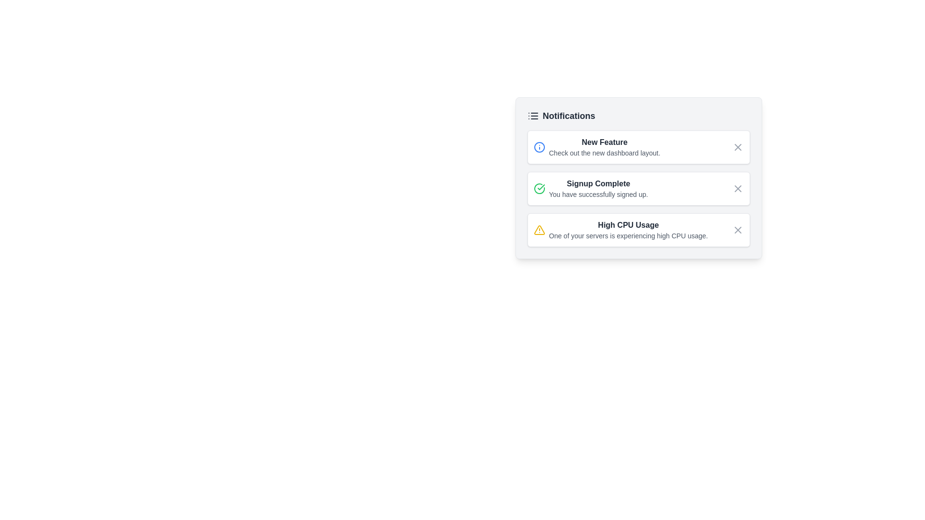  Describe the element at coordinates (737, 147) in the screenshot. I see `the close icon located in the top-right corner of the 'New Feature' notification card to provide additional visual feedback` at that location.